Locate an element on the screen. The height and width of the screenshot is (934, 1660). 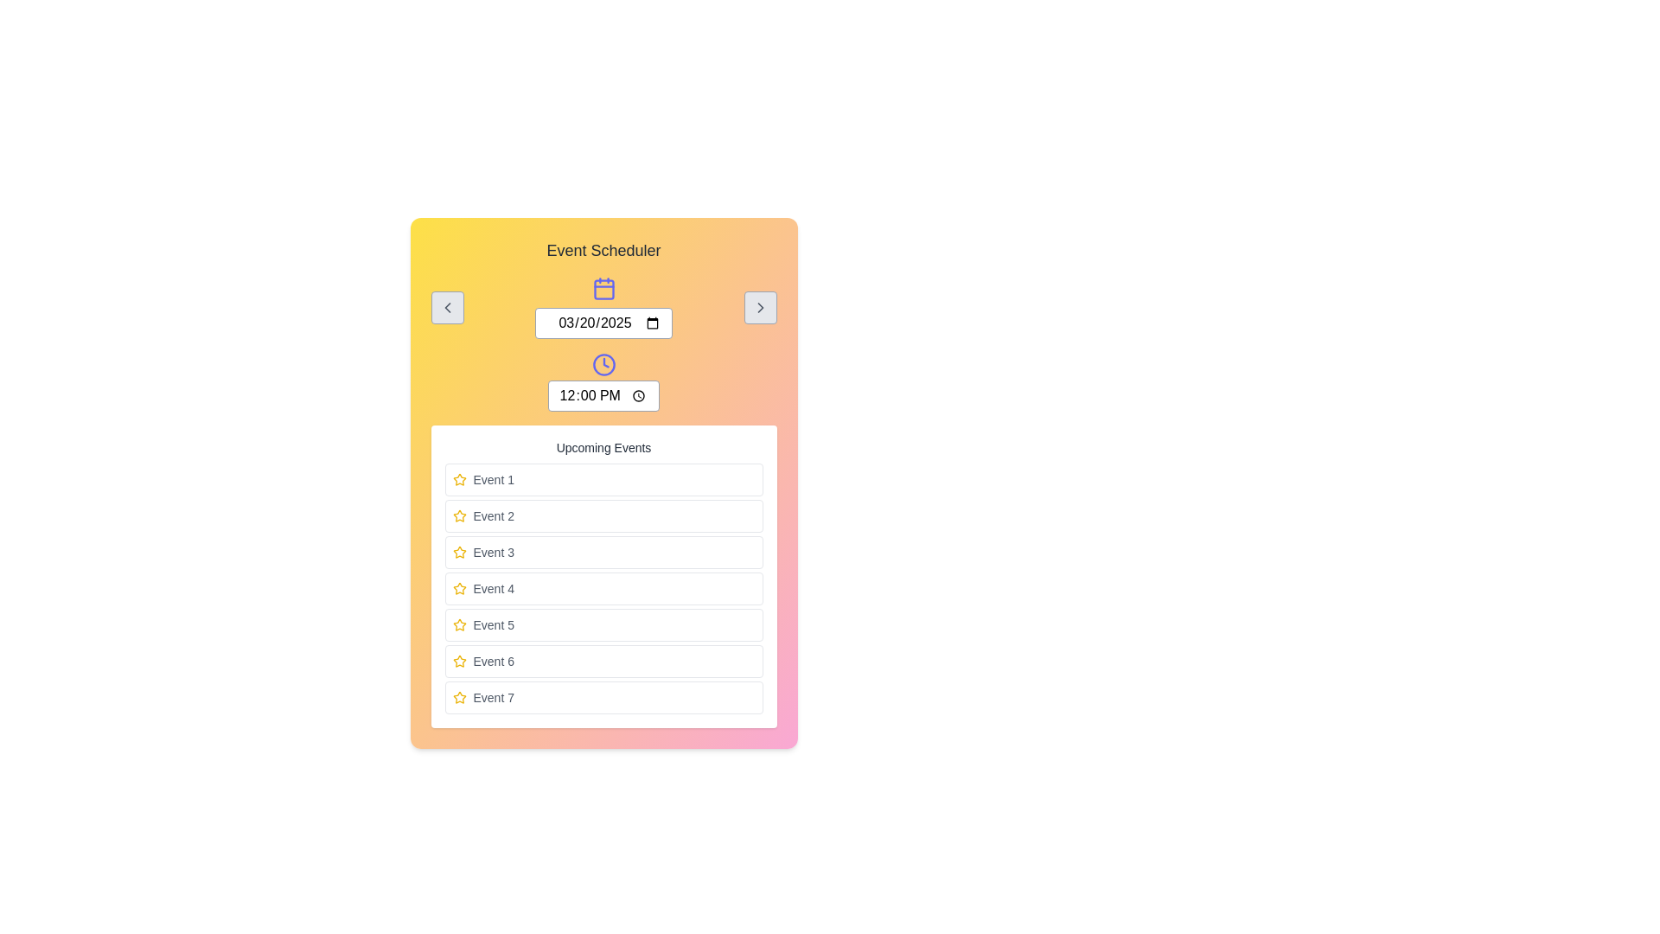
the first star icon is located at coordinates (459, 480).